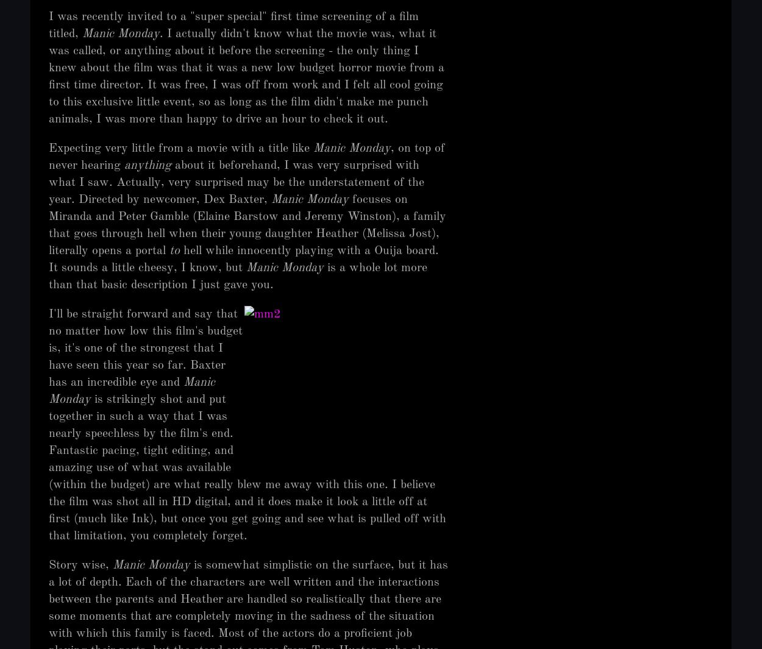 The height and width of the screenshot is (649, 762). I want to click on 'I was recently invited to a "super special" first time screening of a film titled,', so click(233, 24).